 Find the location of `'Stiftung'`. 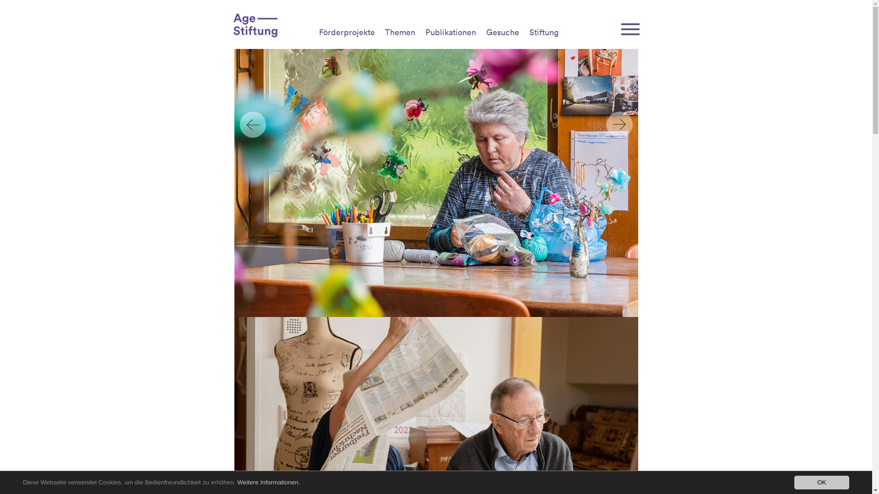

'Stiftung' is located at coordinates (543, 32).